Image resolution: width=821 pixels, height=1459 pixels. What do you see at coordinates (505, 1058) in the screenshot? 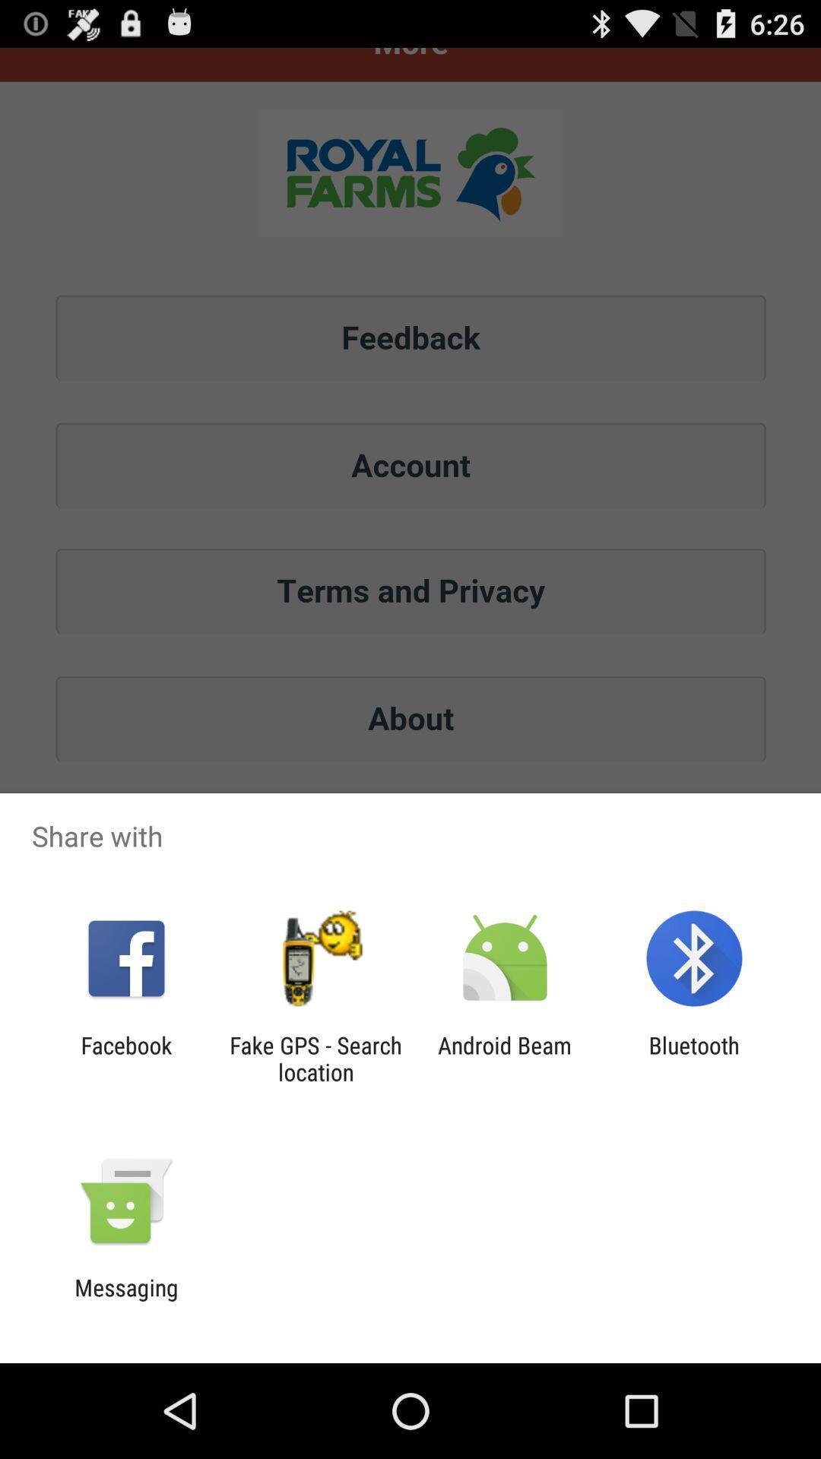
I see `icon to the left of bluetooth app` at bounding box center [505, 1058].